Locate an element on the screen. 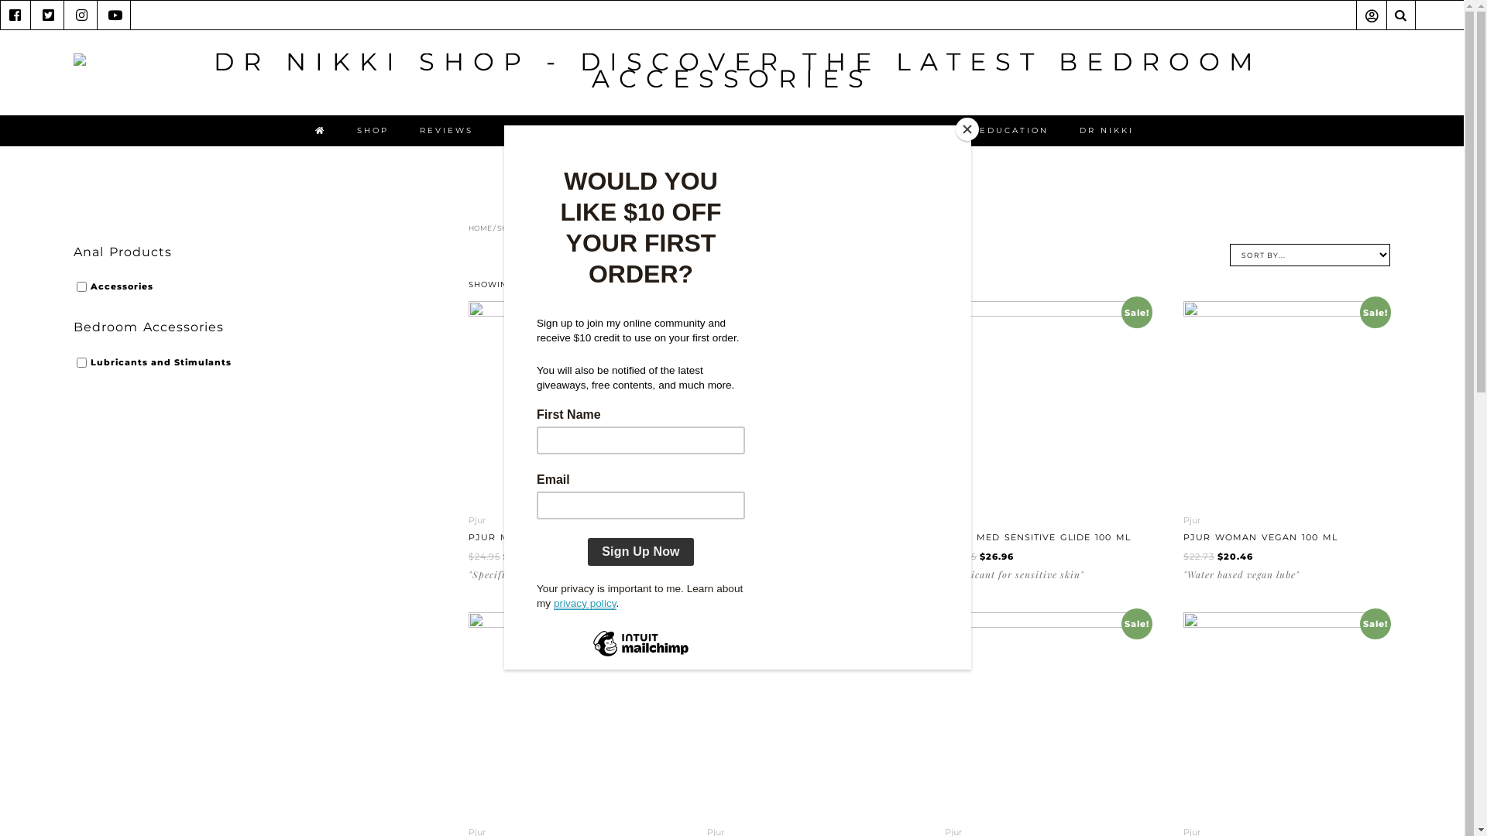 This screenshot has height=836, width=1487. 'DR NIKKI' is located at coordinates (1106, 122).